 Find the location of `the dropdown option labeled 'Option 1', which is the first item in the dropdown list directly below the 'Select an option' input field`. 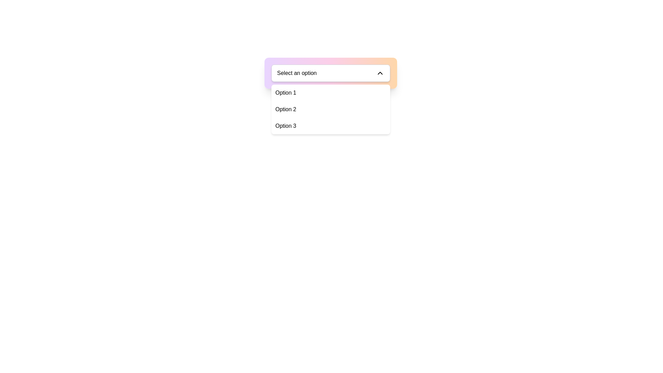

the dropdown option labeled 'Option 1', which is the first item in the dropdown list directly below the 'Select an option' input field is located at coordinates (286, 93).